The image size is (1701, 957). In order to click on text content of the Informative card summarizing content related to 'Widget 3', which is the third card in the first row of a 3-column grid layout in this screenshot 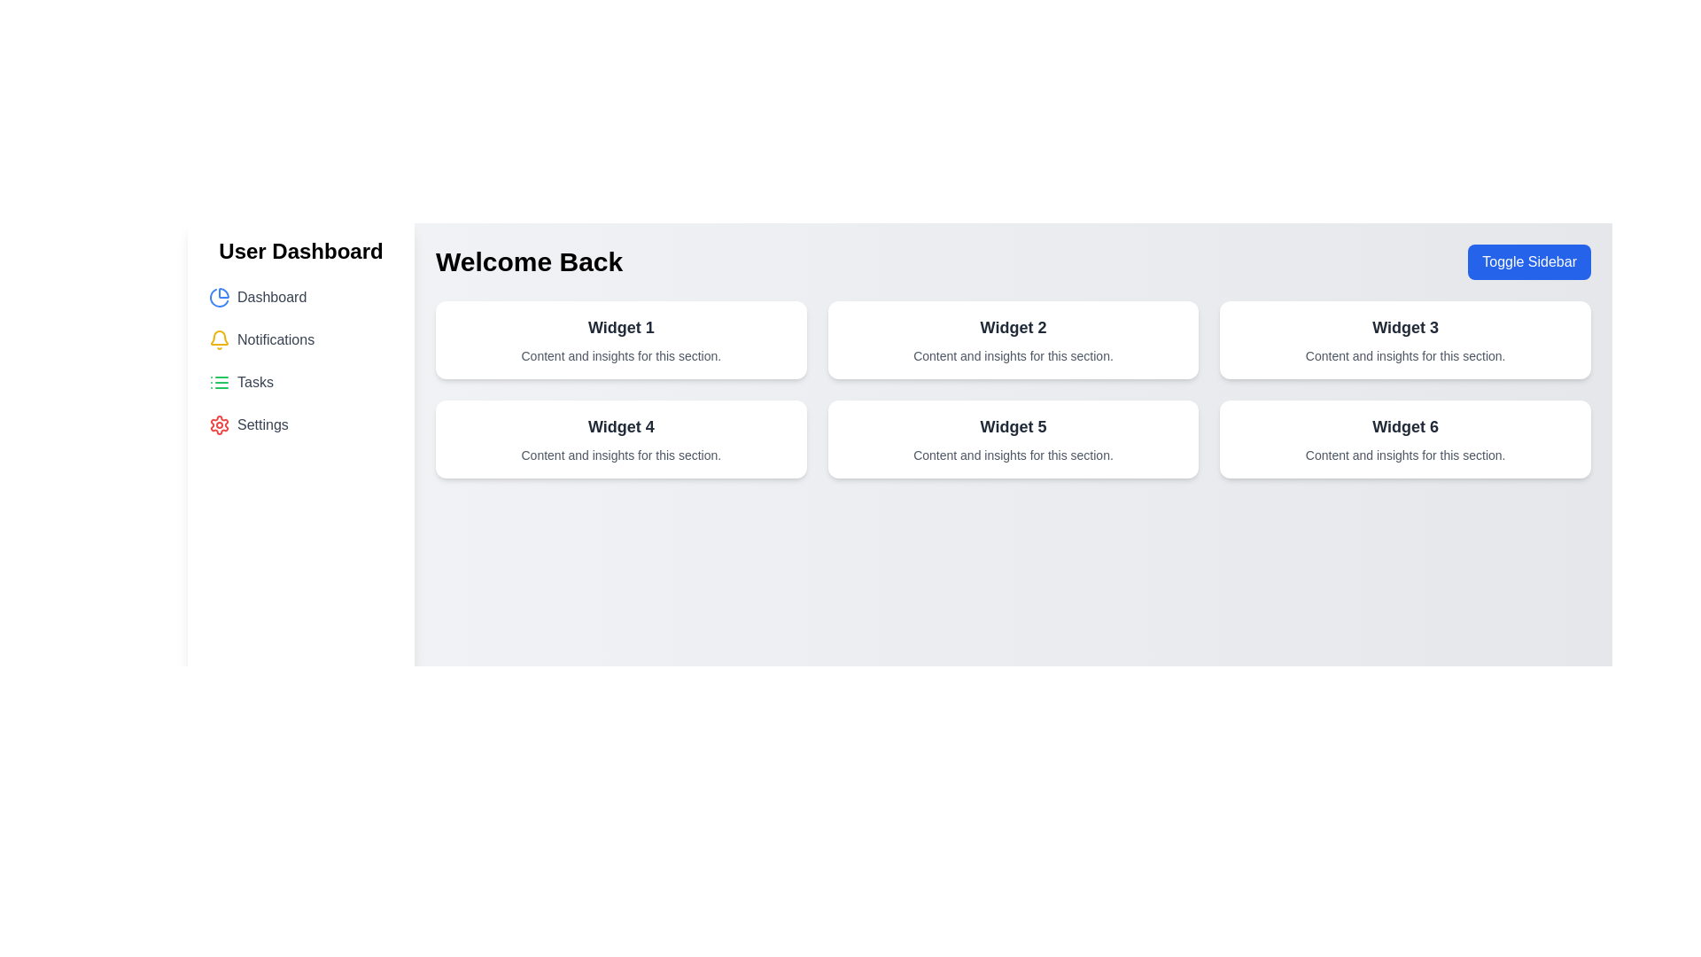, I will do `click(1404, 340)`.